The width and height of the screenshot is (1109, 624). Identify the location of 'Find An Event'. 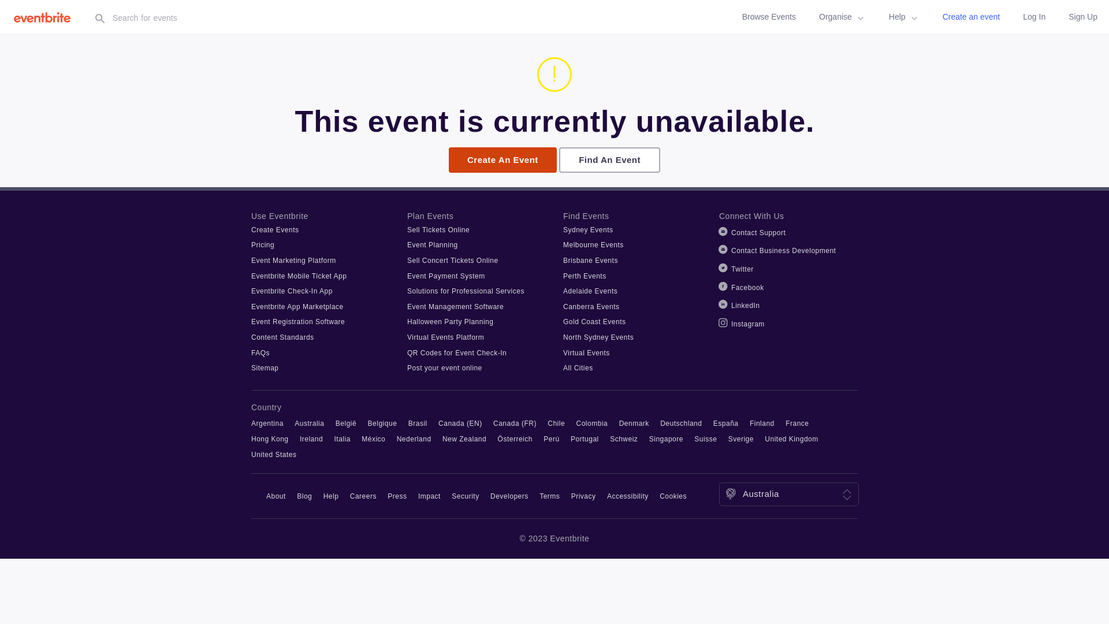
(609, 160).